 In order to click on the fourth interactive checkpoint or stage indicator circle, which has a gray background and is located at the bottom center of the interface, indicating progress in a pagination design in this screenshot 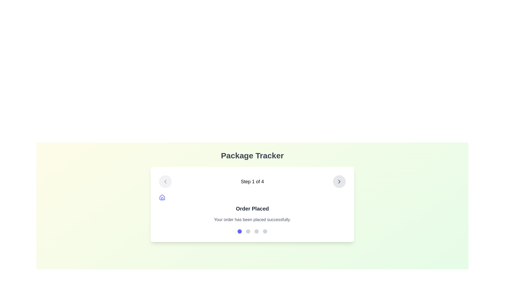, I will do `click(265, 231)`.